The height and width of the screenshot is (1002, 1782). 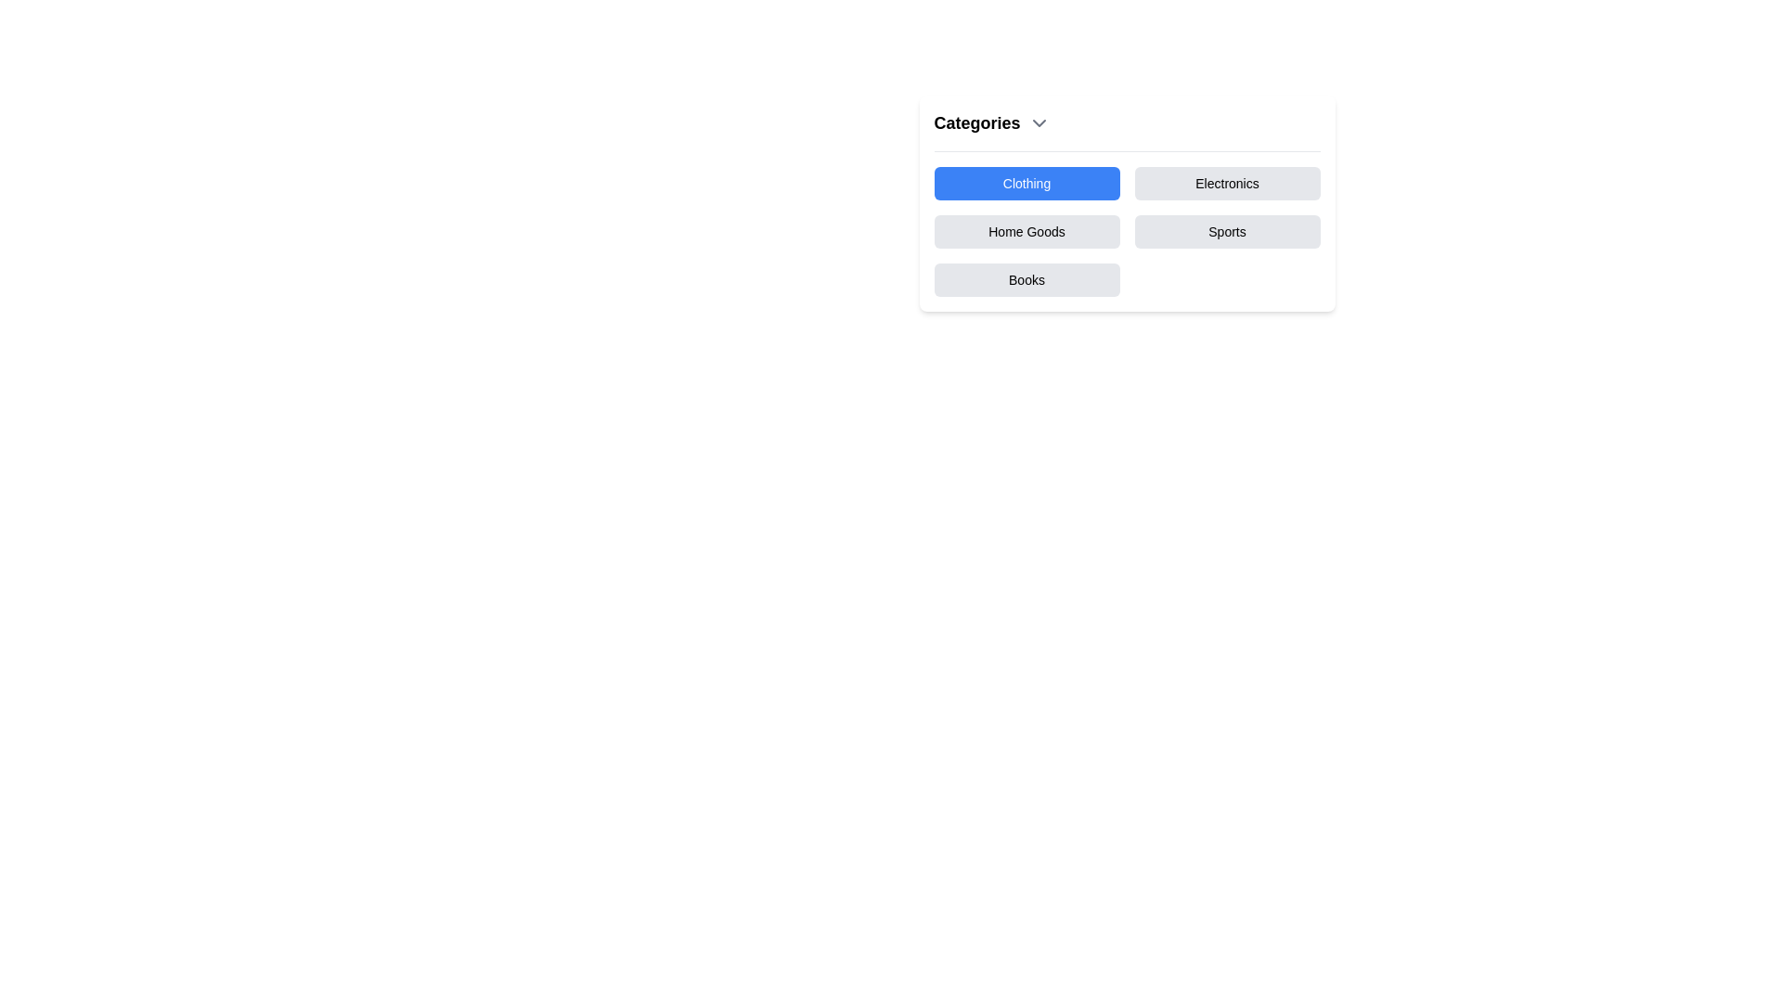 I want to click on the 'Sports' button, which is the second item in the second row of a 2x3 grid layout, located to the right of the 'Home Goods' button and above the 'Books' button, so click(x=1227, y=231).